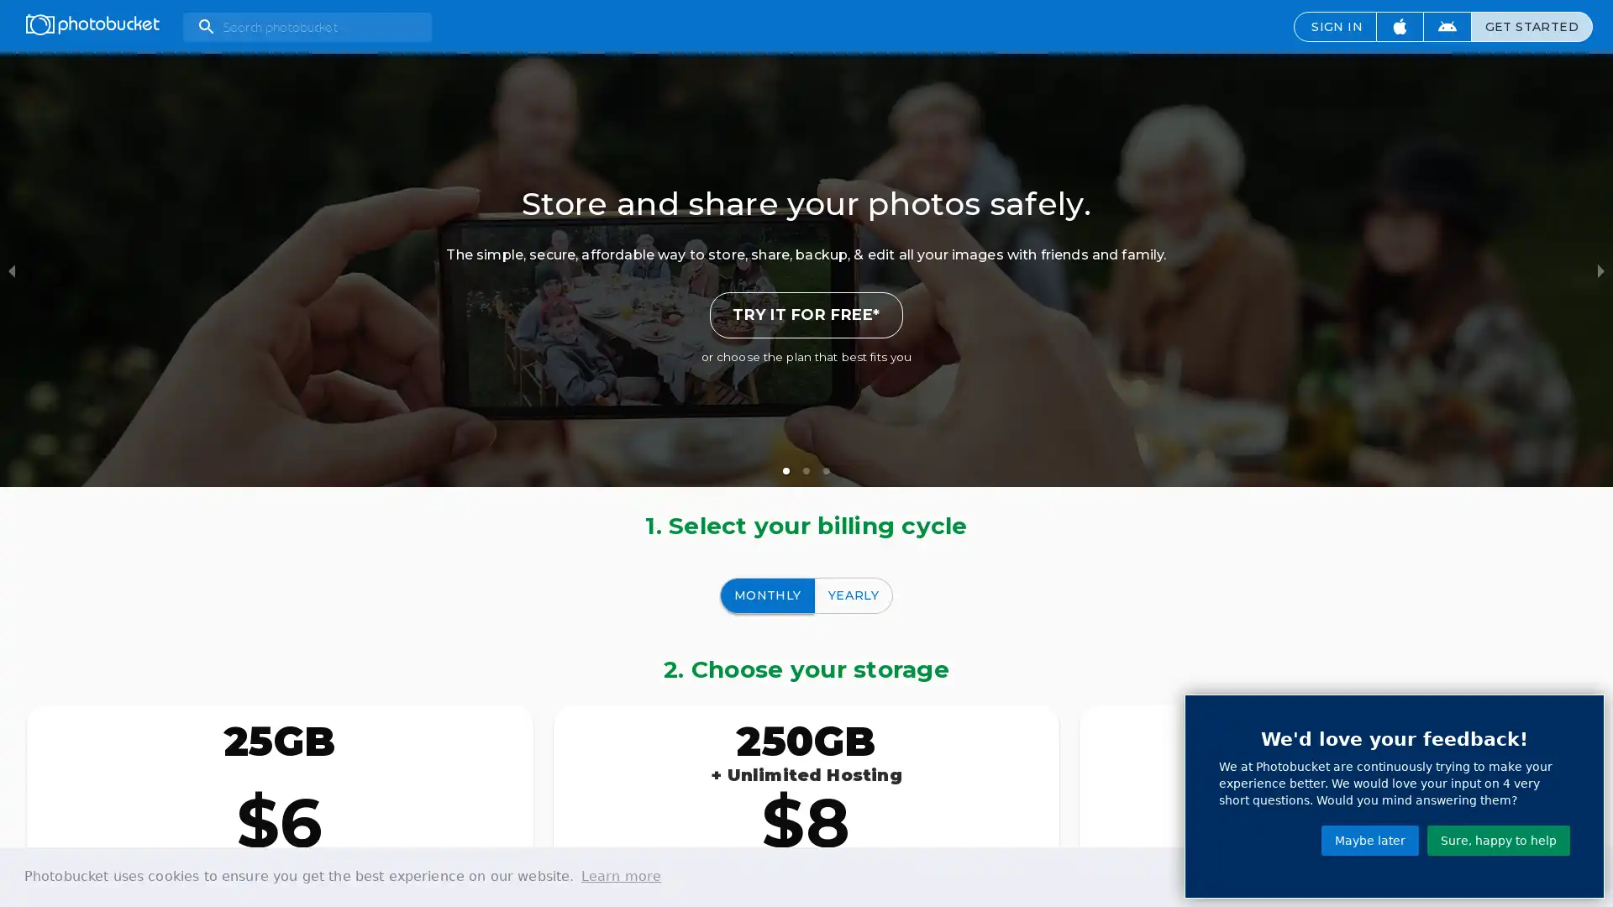  Describe the element at coordinates (785, 469) in the screenshot. I see `slide item 1` at that location.